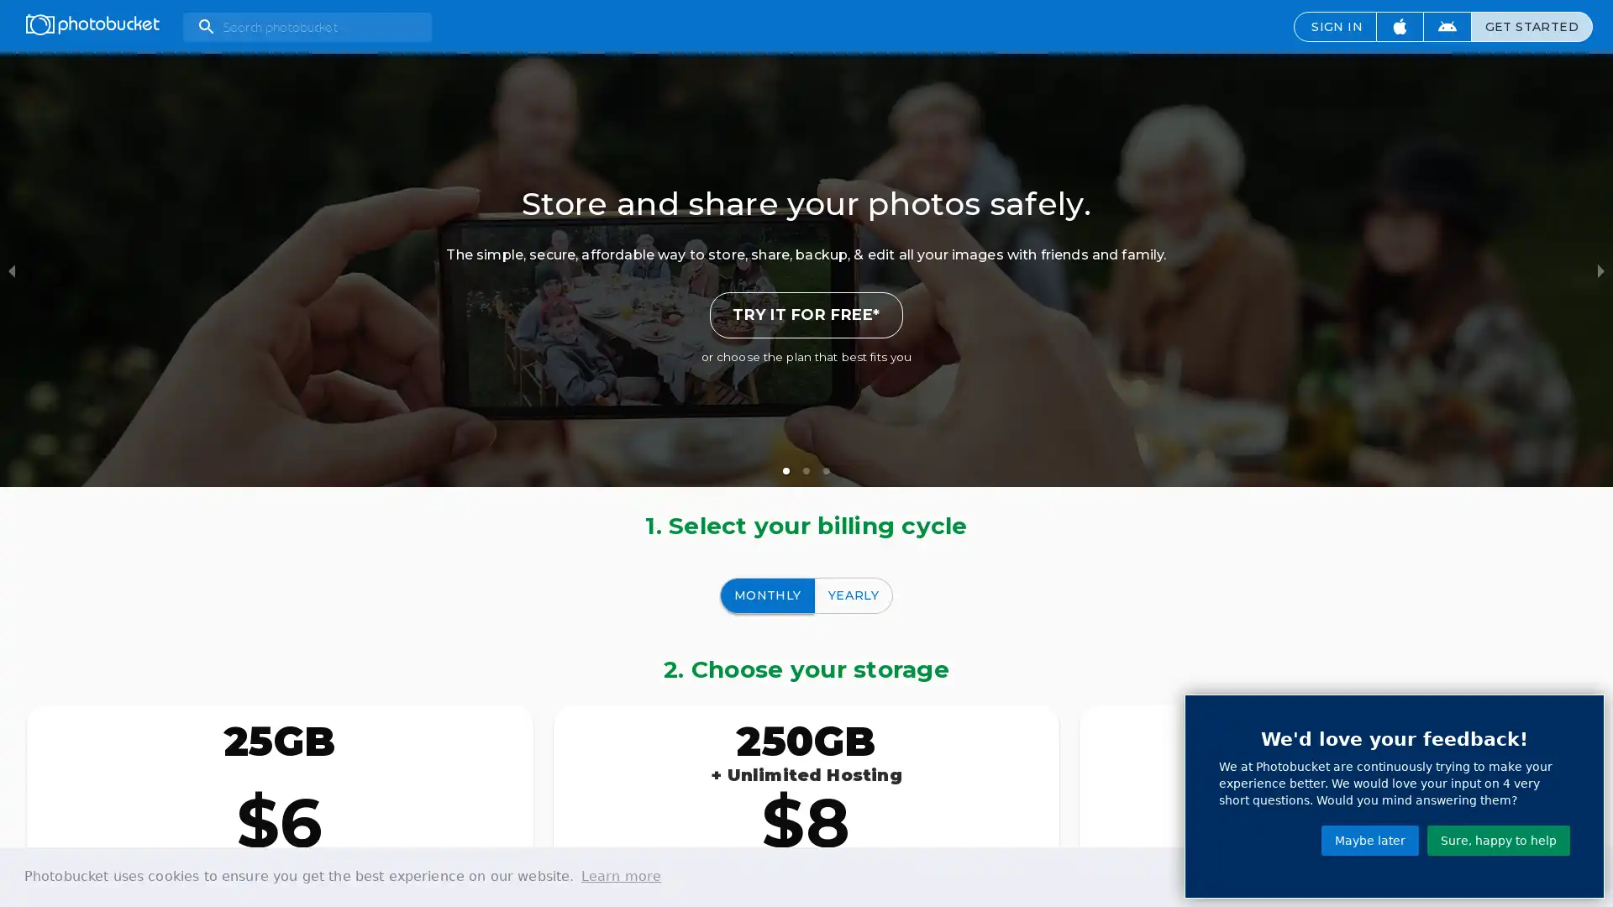  Describe the element at coordinates (785, 469) in the screenshot. I see `slide item 1` at that location.